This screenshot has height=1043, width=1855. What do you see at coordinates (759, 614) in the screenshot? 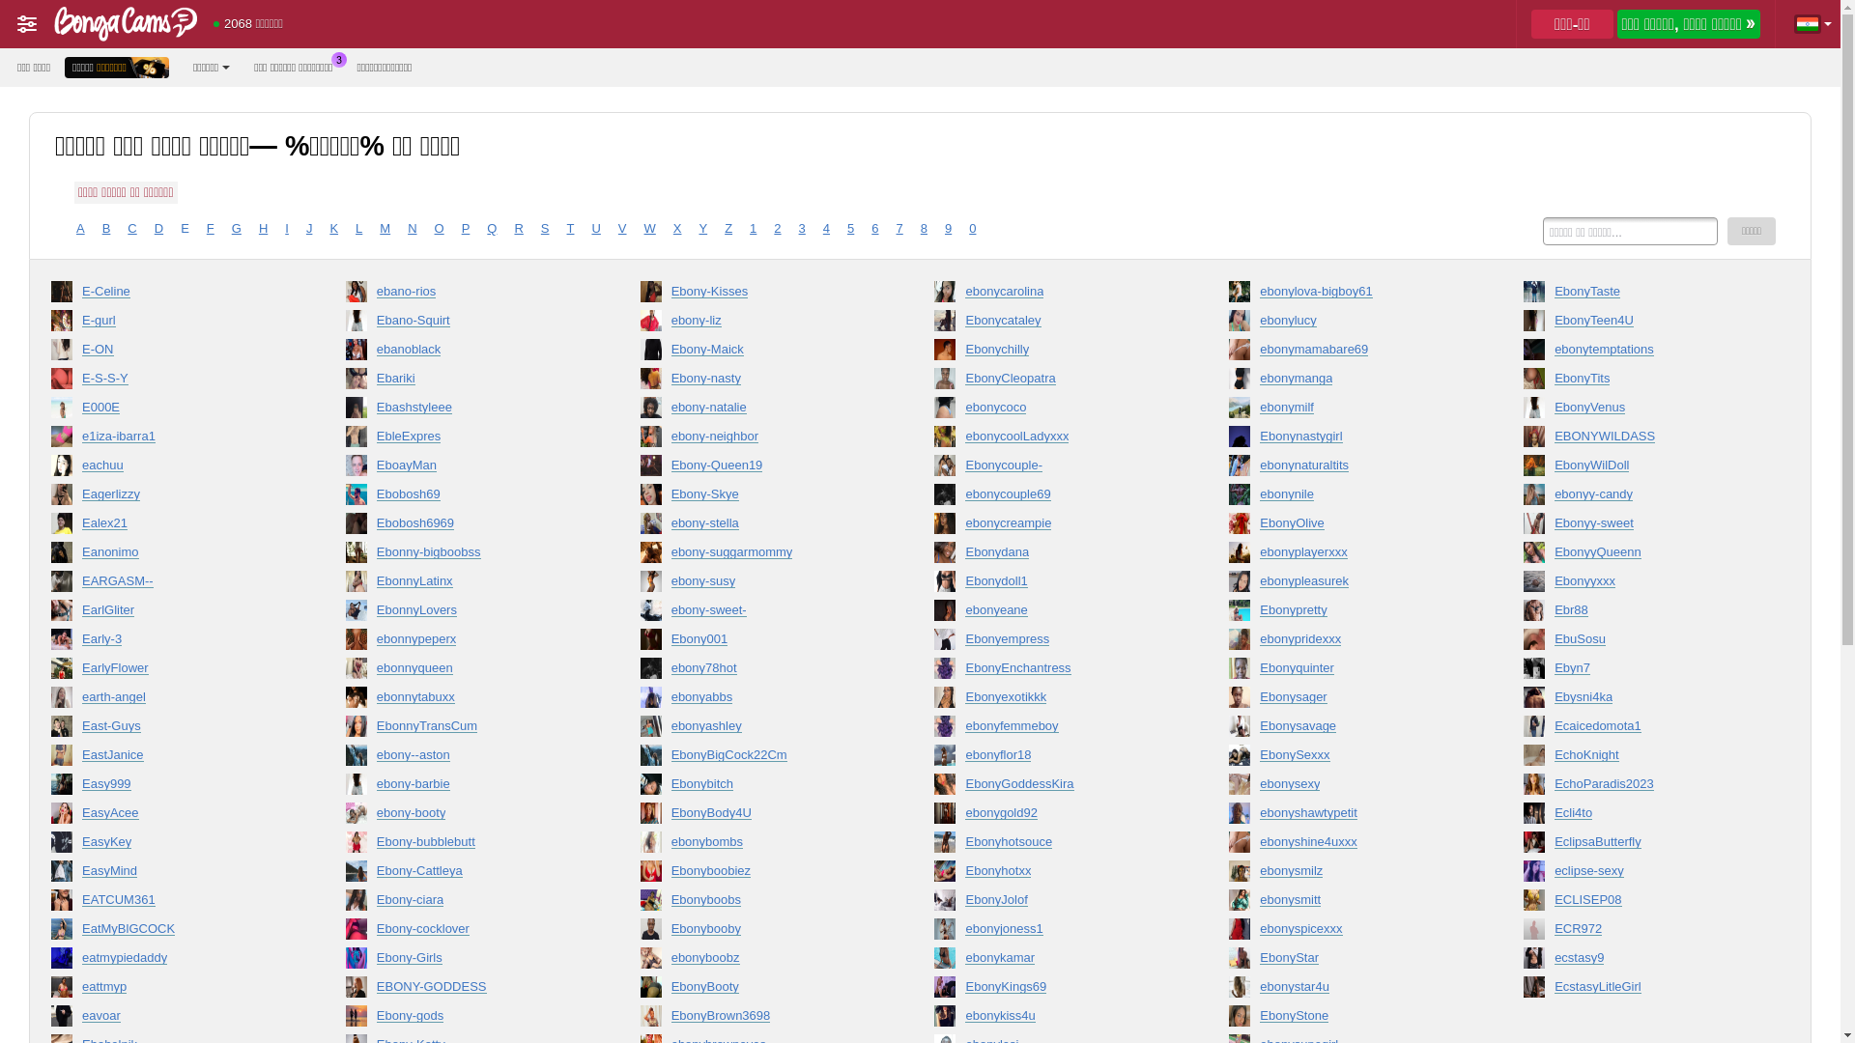
I see `'ebony-sweet-'` at bounding box center [759, 614].